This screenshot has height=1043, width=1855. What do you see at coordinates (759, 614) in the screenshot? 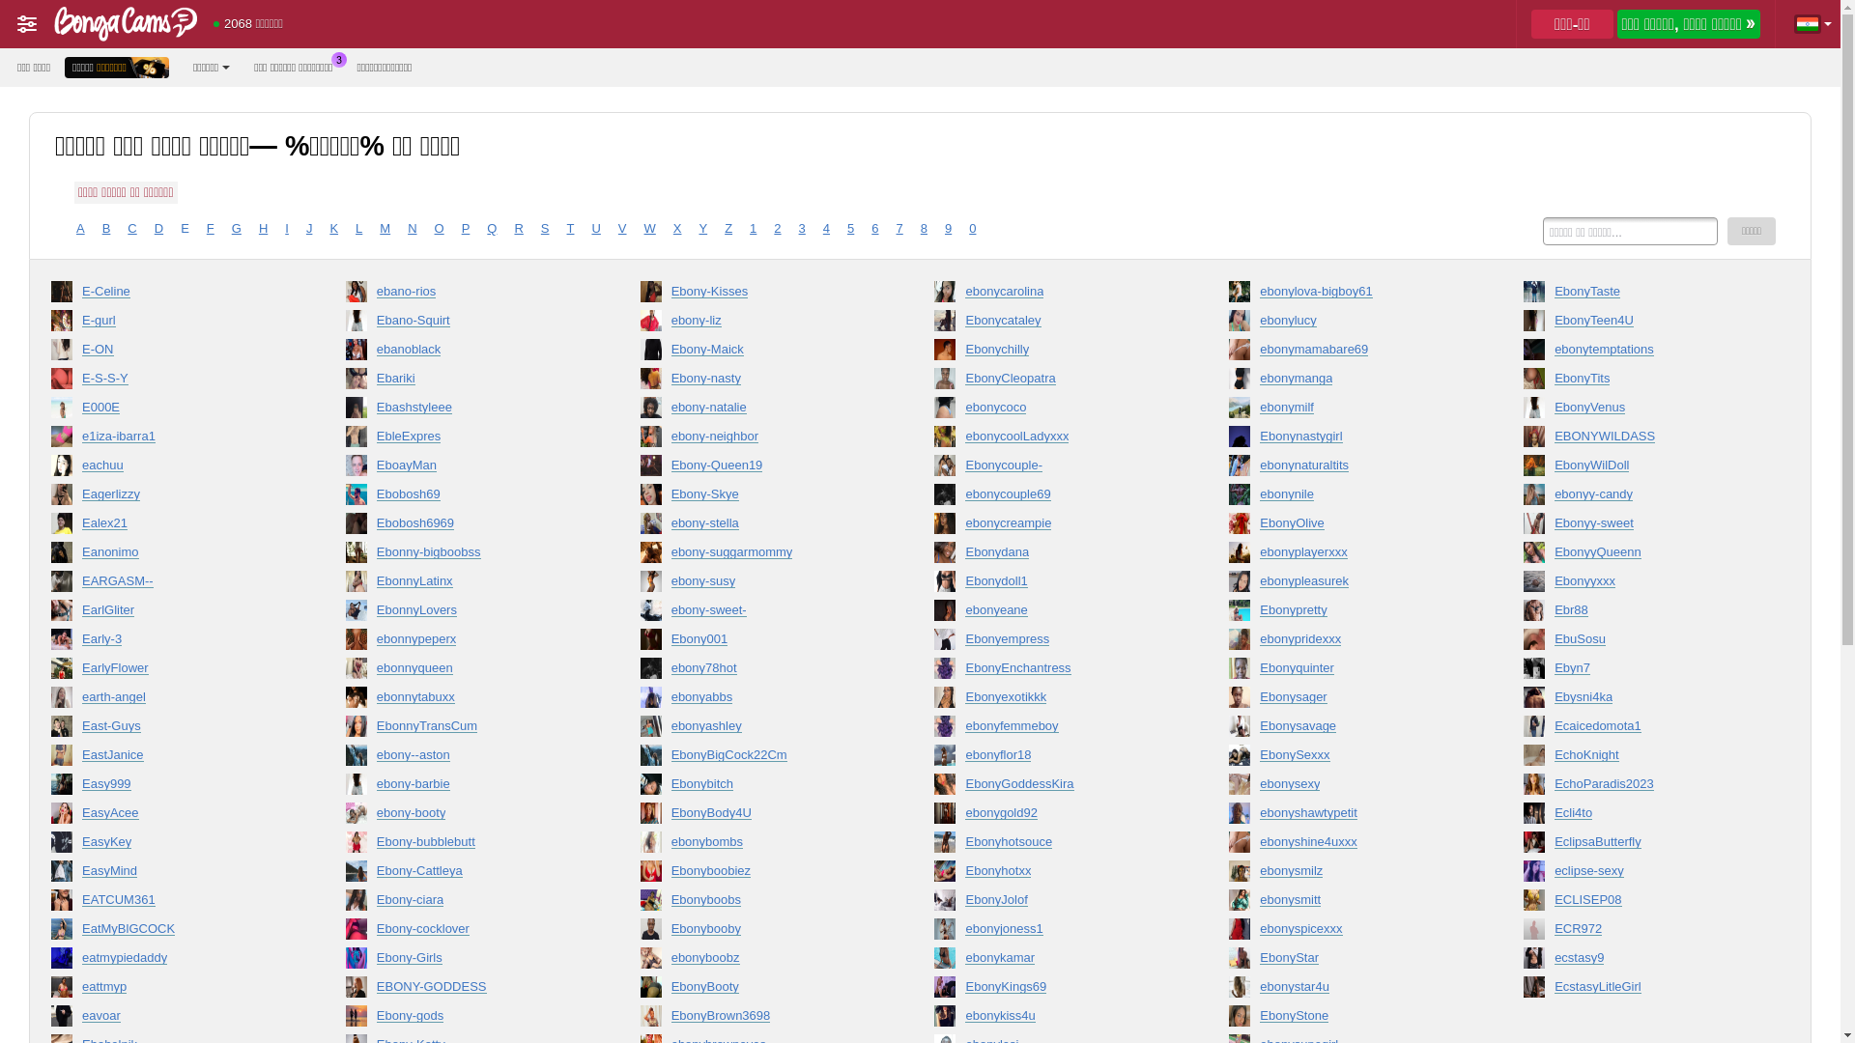
I see `'ebony-sweet-'` at bounding box center [759, 614].